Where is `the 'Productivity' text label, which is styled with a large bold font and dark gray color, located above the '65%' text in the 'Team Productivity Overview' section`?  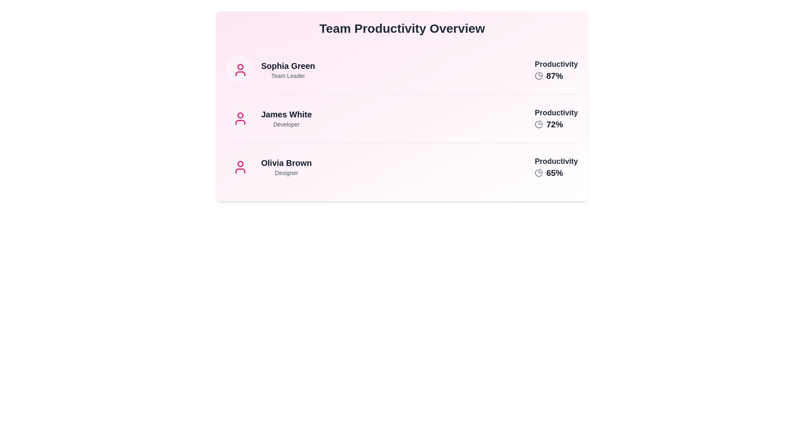
the 'Productivity' text label, which is styled with a large bold font and dark gray color, located above the '65%' text in the 'Team Productivity Overview' section is located at coordinates (556, 161).